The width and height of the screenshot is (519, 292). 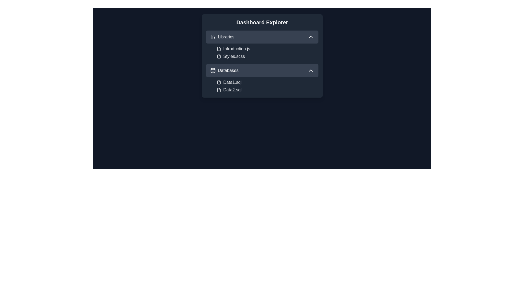 I want to click on the chevron icon on the 'Databases' dropdown menu header, so click(x=262, y=78).